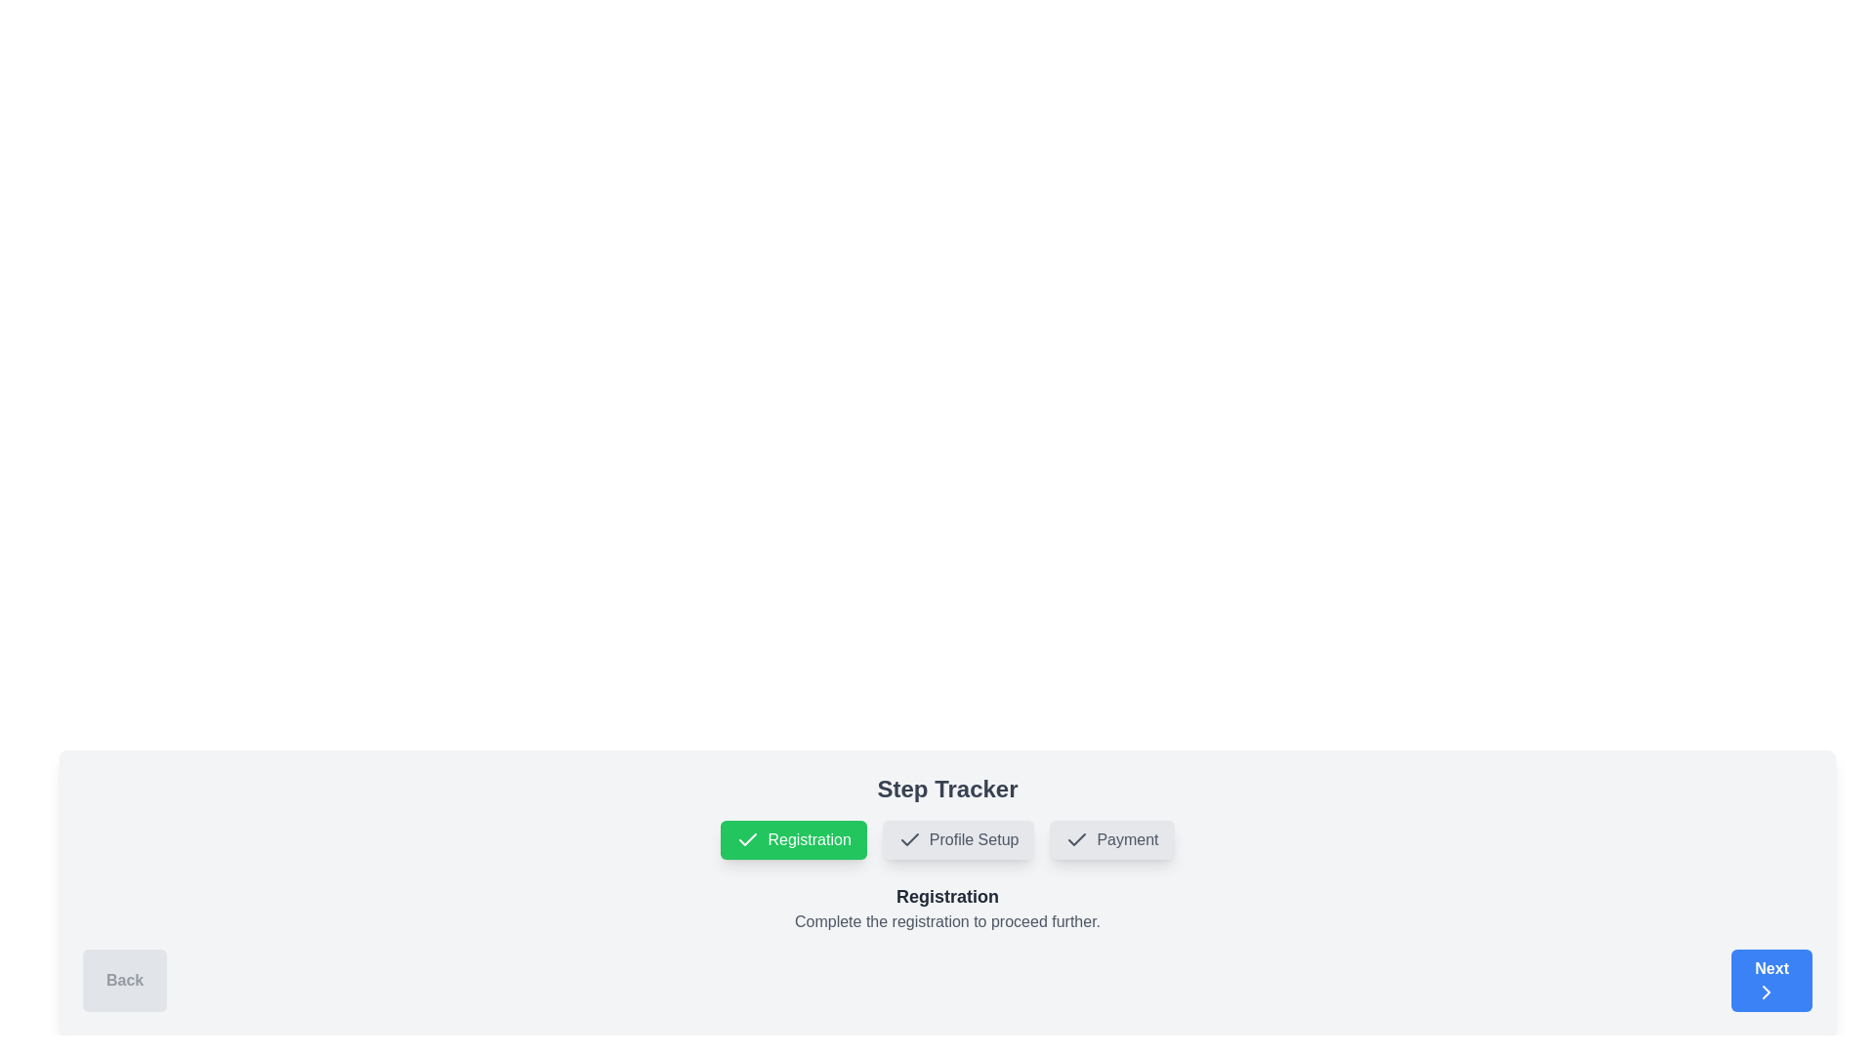 The height and width of the screenshot is (1054, 1875). I want to click on the rectangular 'Back' button with rounded corners, styled in light grey, containing the text 'Back' centered in grey bold font, so click(124, 981).